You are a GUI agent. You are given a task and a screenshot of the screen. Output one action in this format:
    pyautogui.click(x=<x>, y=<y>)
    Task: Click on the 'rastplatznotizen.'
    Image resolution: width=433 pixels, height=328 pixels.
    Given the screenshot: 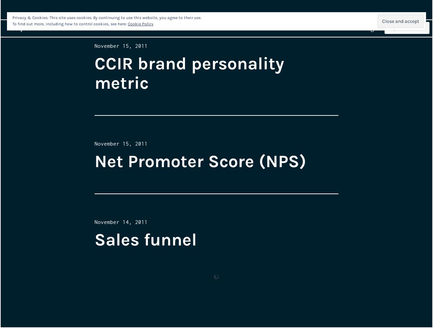 What is the action you would take?
    pyautogui.click(x=33, y=45)
    